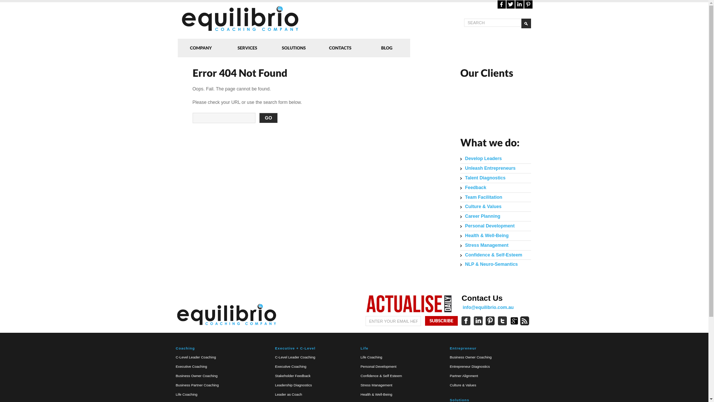 The width and height of the screenshot is (714, 402). Describe the element at coordinates (489, 168) in the screenshot. I see `'Unleash Entrepreneurs'` at that location.